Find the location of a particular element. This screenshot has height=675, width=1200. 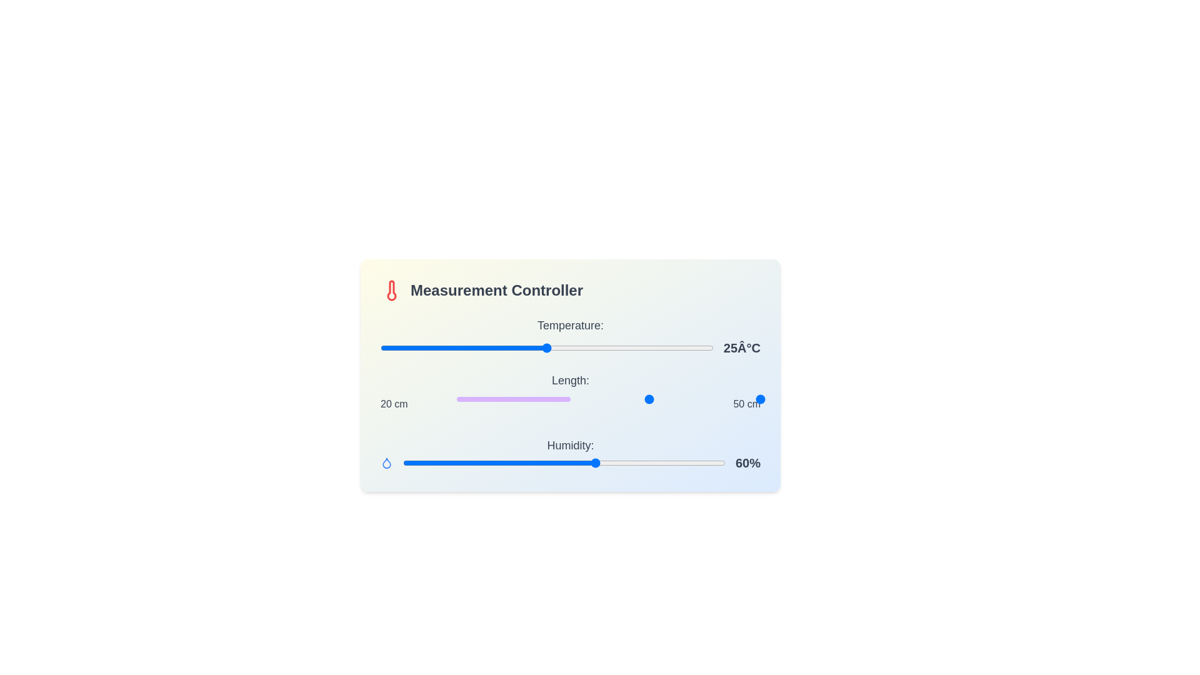

the slider value is located at coordinates (703, 399).